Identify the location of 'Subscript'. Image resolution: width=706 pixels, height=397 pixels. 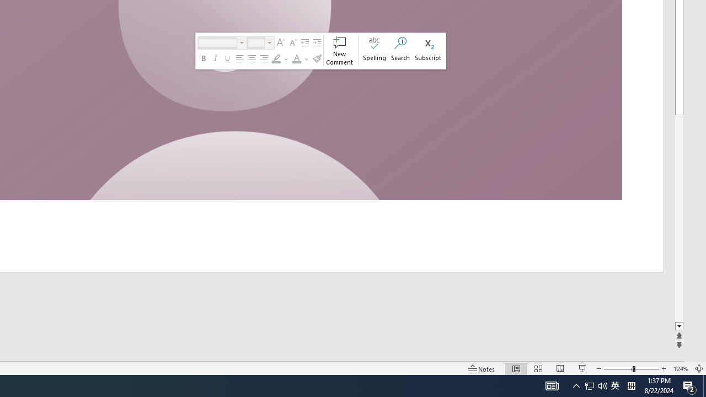
(427, 51).